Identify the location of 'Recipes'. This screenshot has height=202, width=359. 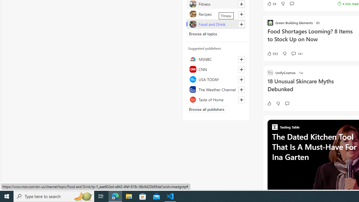
(216, 14).